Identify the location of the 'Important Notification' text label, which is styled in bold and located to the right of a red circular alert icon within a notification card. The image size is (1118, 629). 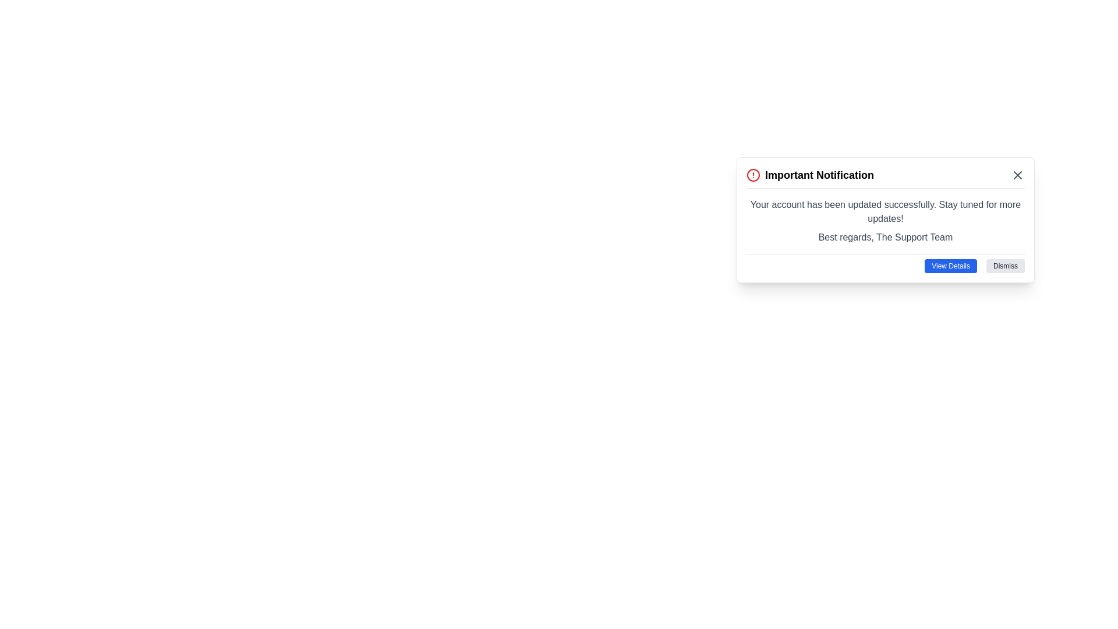
(819, 175).